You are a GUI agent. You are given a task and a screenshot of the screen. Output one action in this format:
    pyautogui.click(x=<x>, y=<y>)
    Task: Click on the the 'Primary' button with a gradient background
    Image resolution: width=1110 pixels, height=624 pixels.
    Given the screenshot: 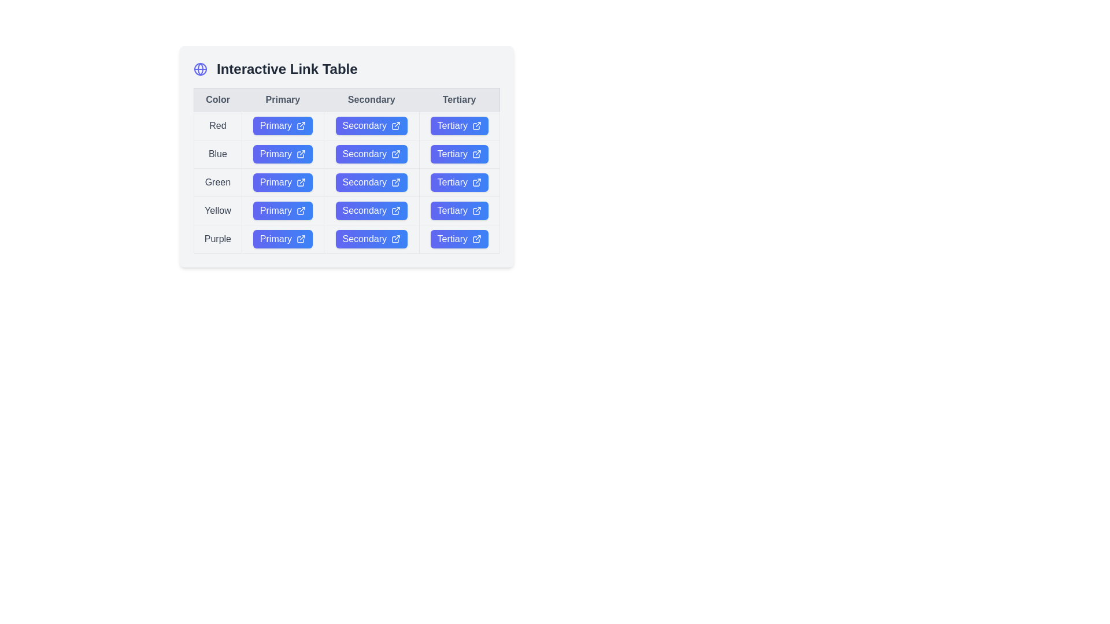 What is the action you would take?
    pyautogui.click(x=283, y=126)
    